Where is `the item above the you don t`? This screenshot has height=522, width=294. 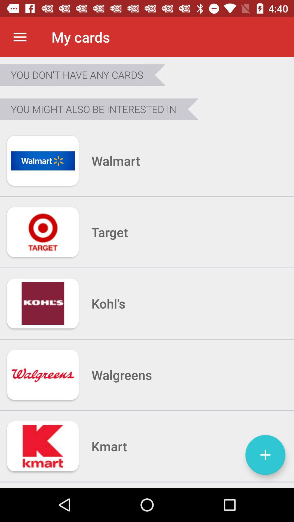 the item above the you don t is located at coordinates (20, 37).